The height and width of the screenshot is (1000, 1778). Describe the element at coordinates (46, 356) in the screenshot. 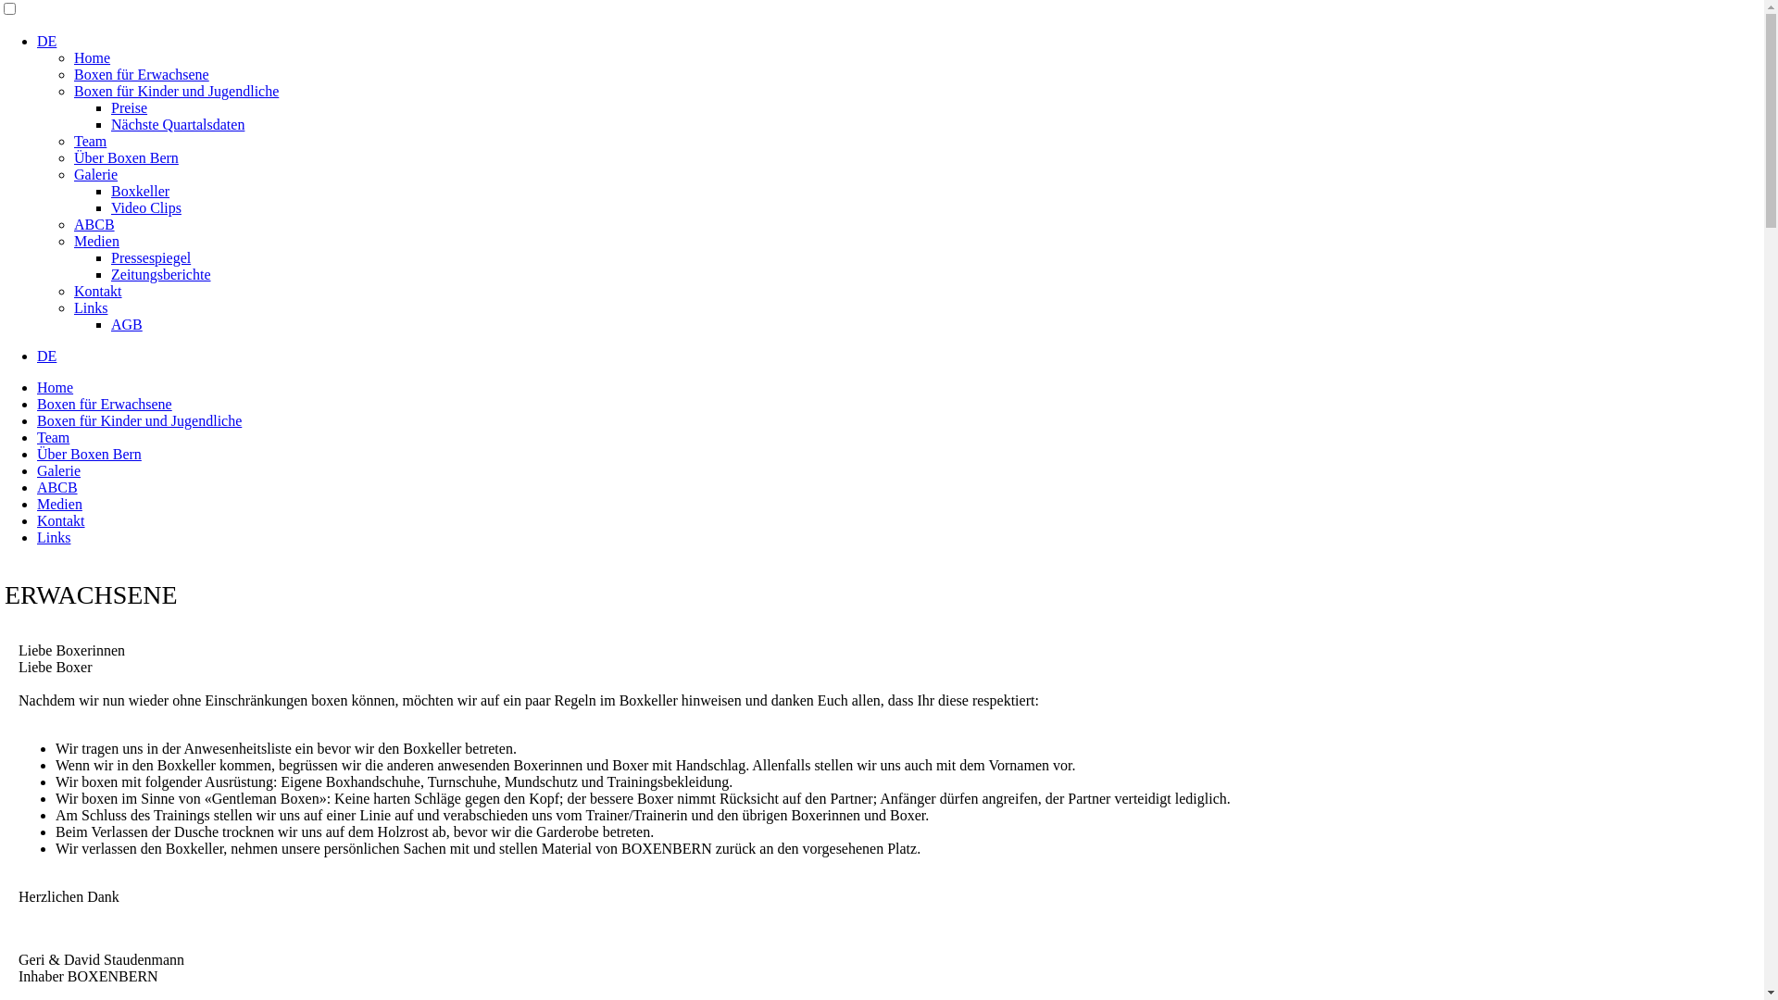

I see `'DE'` at that location.